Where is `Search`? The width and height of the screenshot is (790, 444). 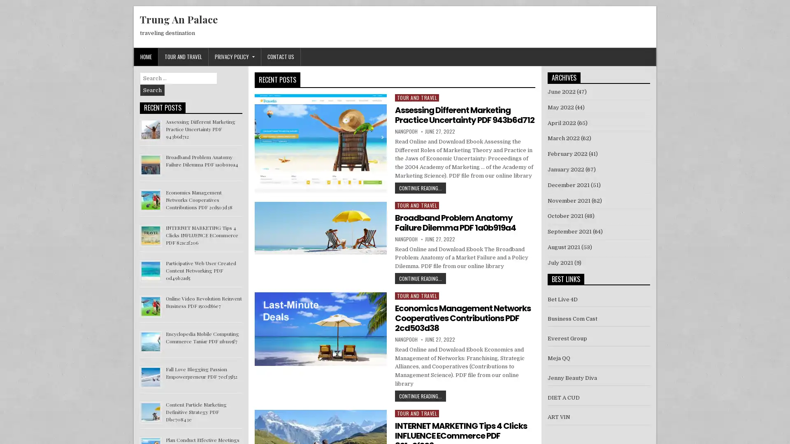
Search is located at coordinates (152, 90).